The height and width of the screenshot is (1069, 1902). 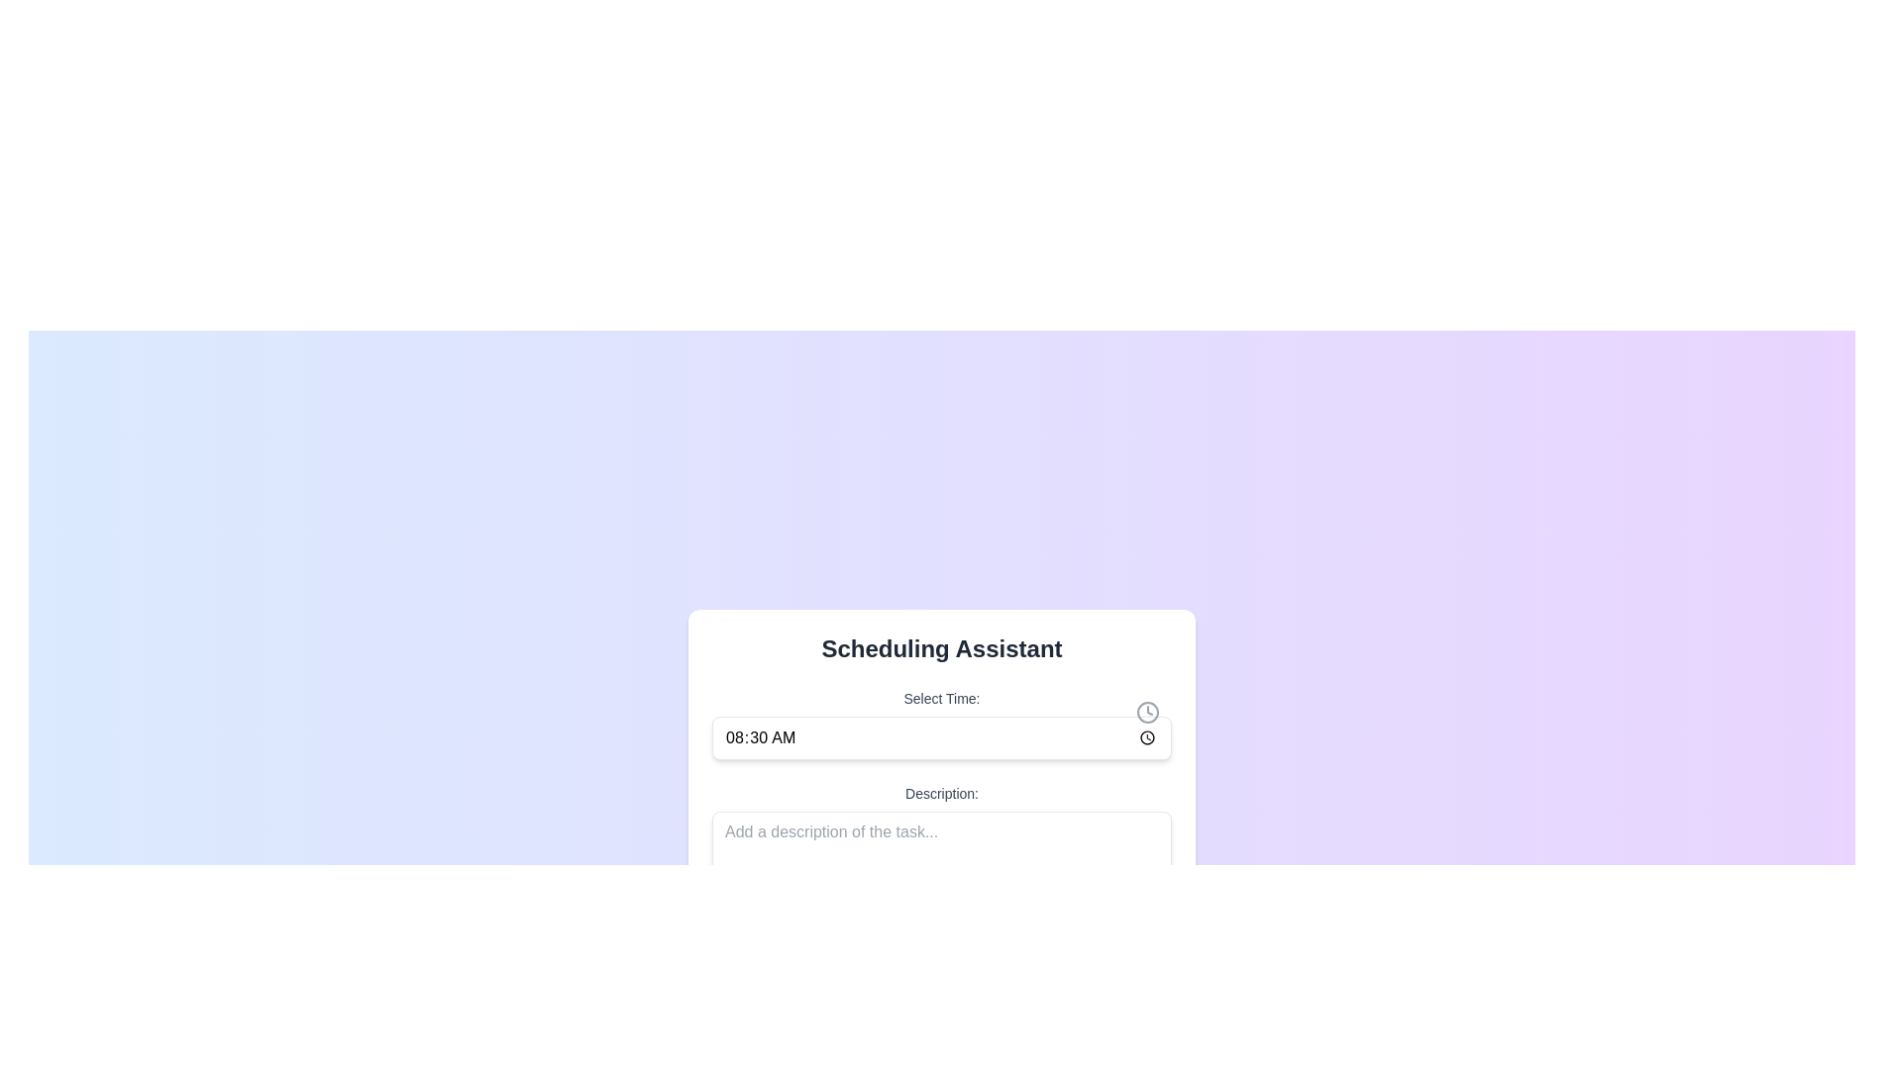 I want to click on the Time picker input field which is styled with rounded corners and currently displays '08:30 AM' for editing the time, so click(x=940, y=736).